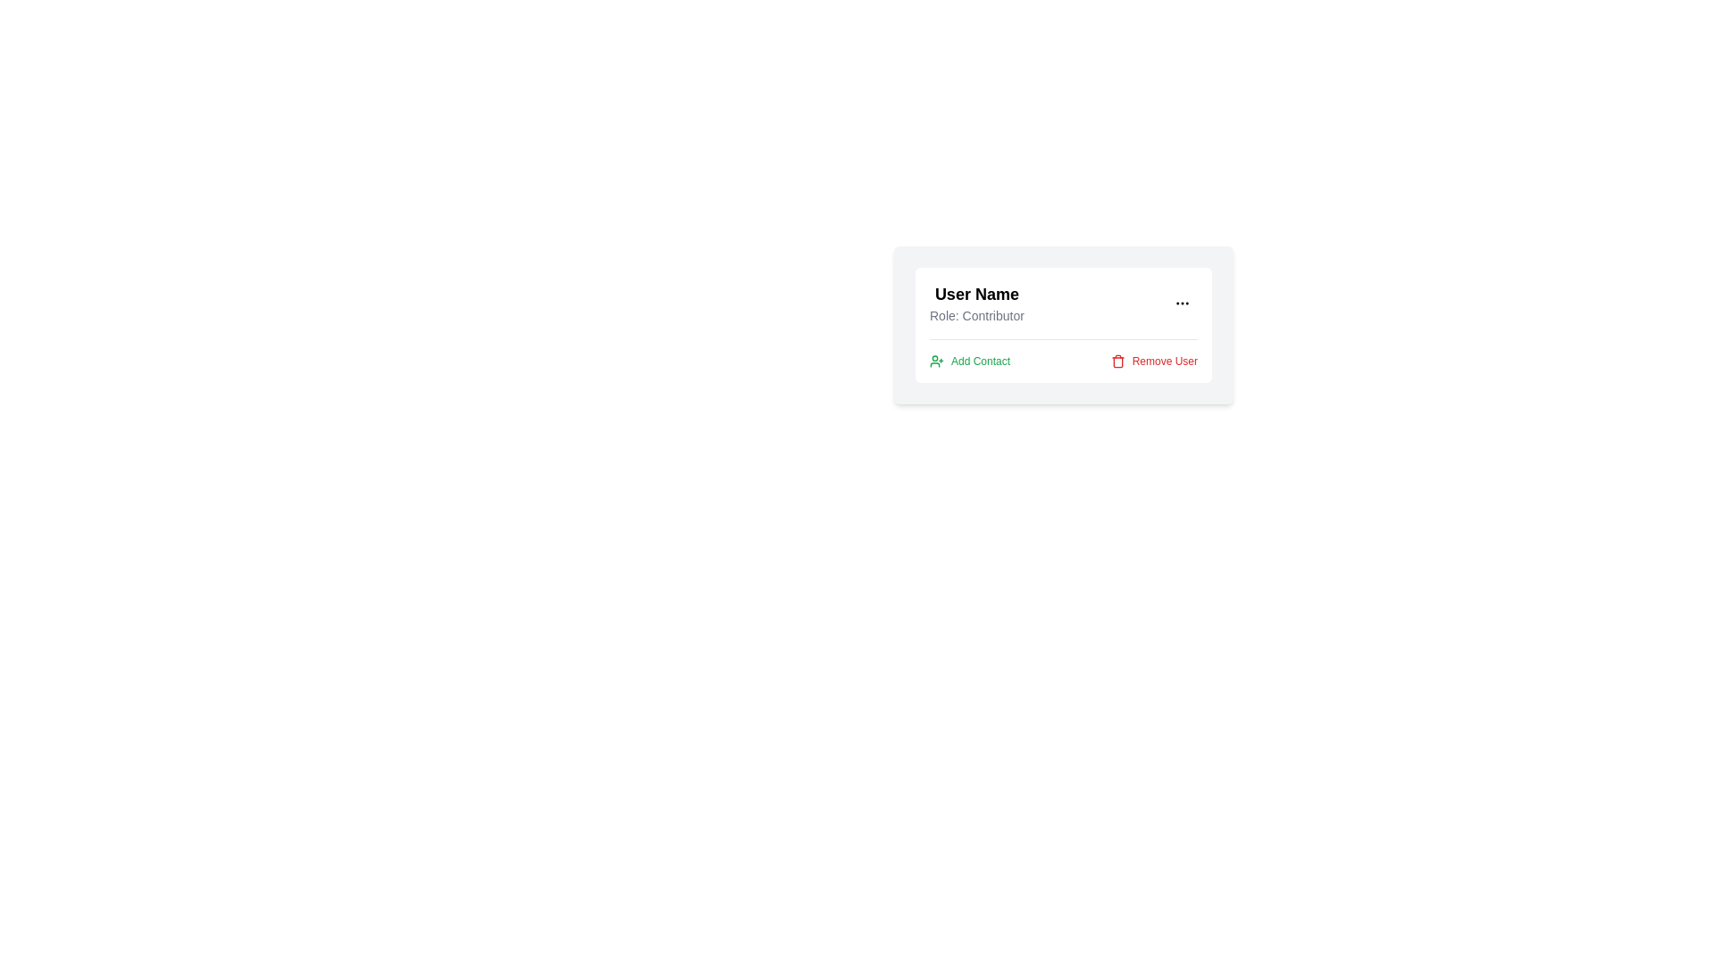  What do you see at coordinates (1117, 361) in the screenshot?
I see `the delete icon located to the left of the 'Remove User' text within the red-emphasized clickable section in the lower-right corner of the user details card` at bounding box center [1117, 361].